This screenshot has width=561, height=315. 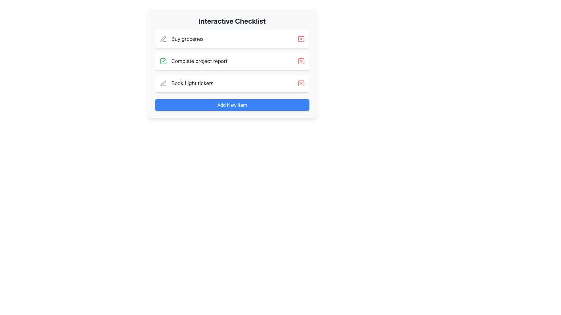 What do you see at coordinates (163, 39) in the screenshot?
I see `the edit button located in the first row of the list, positioned directly to the left of the 'Buy groceries' text` at bounding box center [163, 39].